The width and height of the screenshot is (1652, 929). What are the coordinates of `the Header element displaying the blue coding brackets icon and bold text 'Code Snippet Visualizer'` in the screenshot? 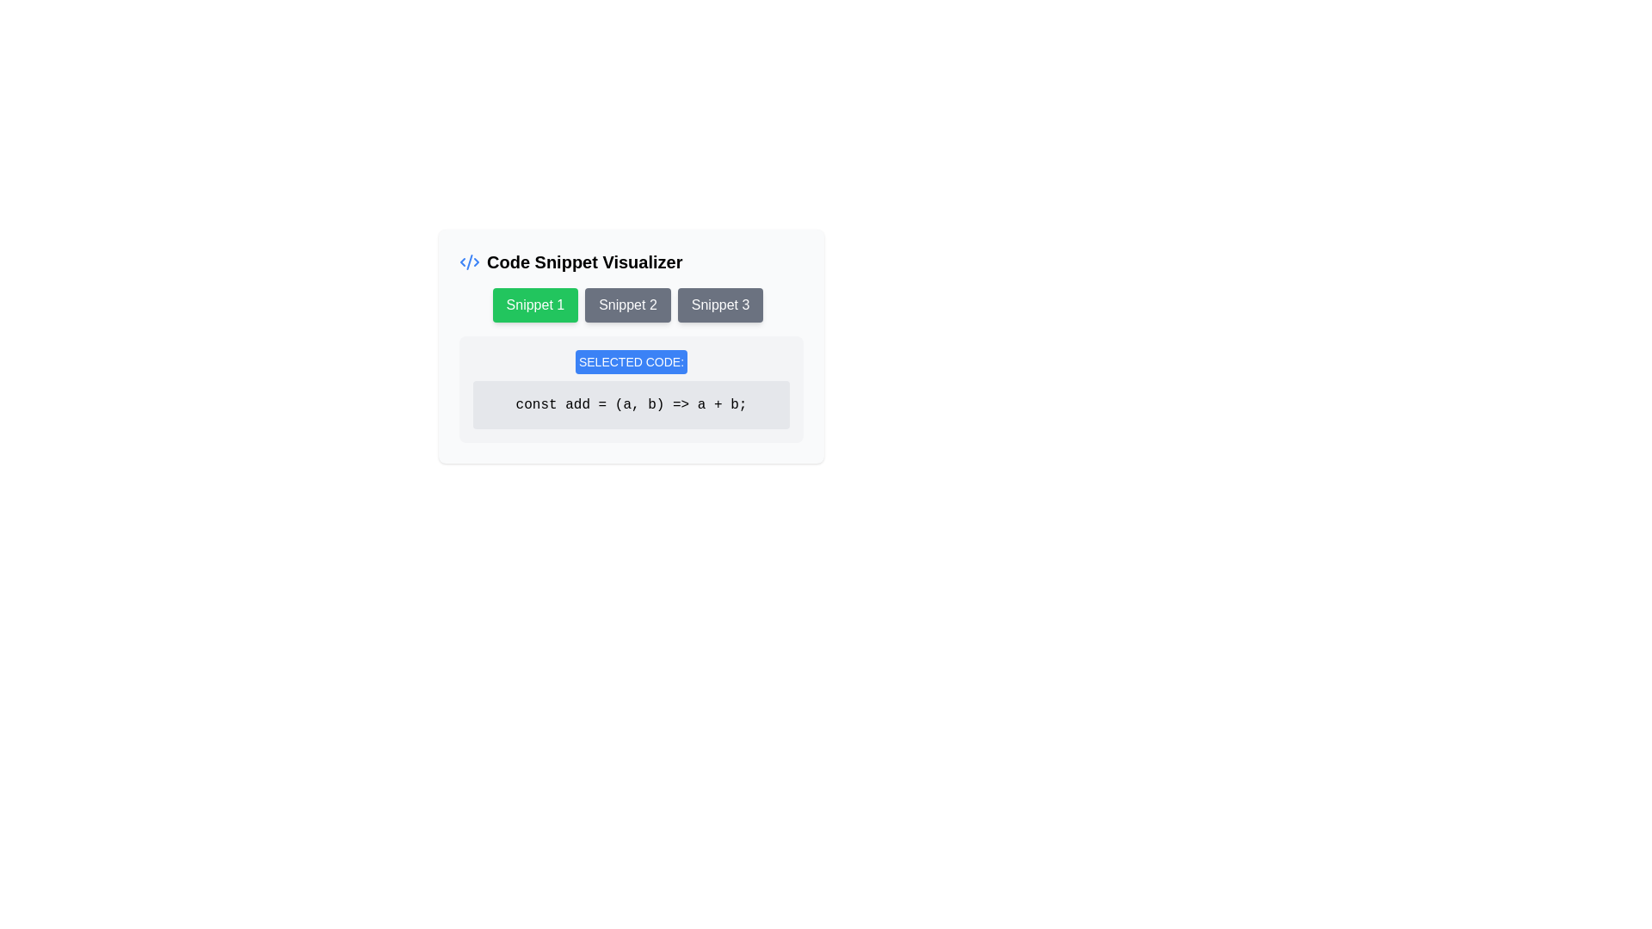 It's located at (631, 261).